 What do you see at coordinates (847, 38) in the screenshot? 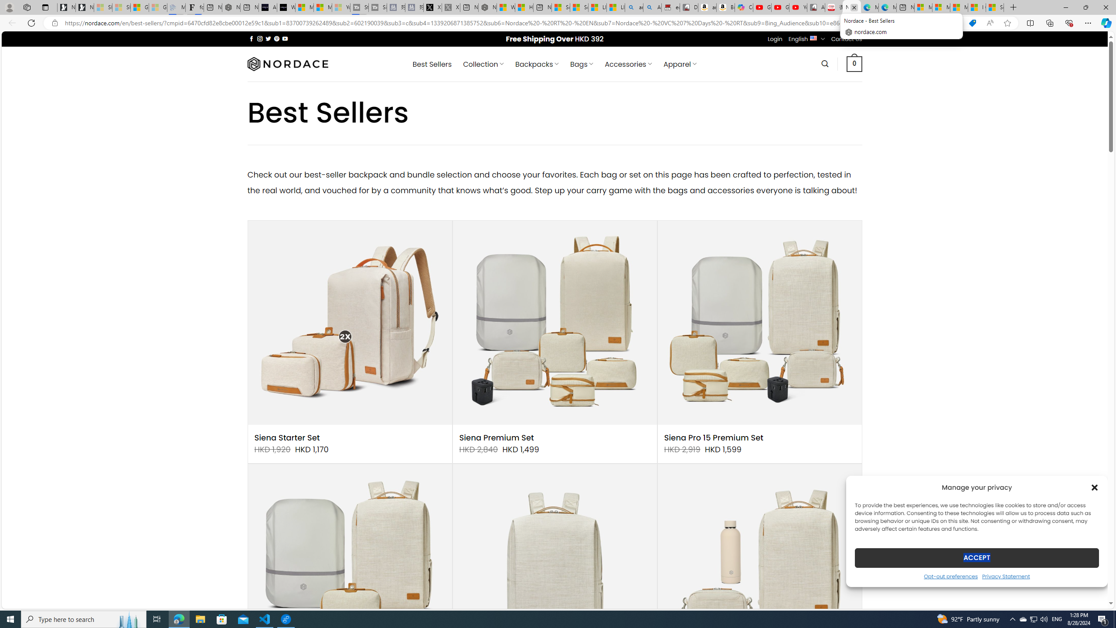
I see `'Contact Us'` at bounding box center [847, 38].